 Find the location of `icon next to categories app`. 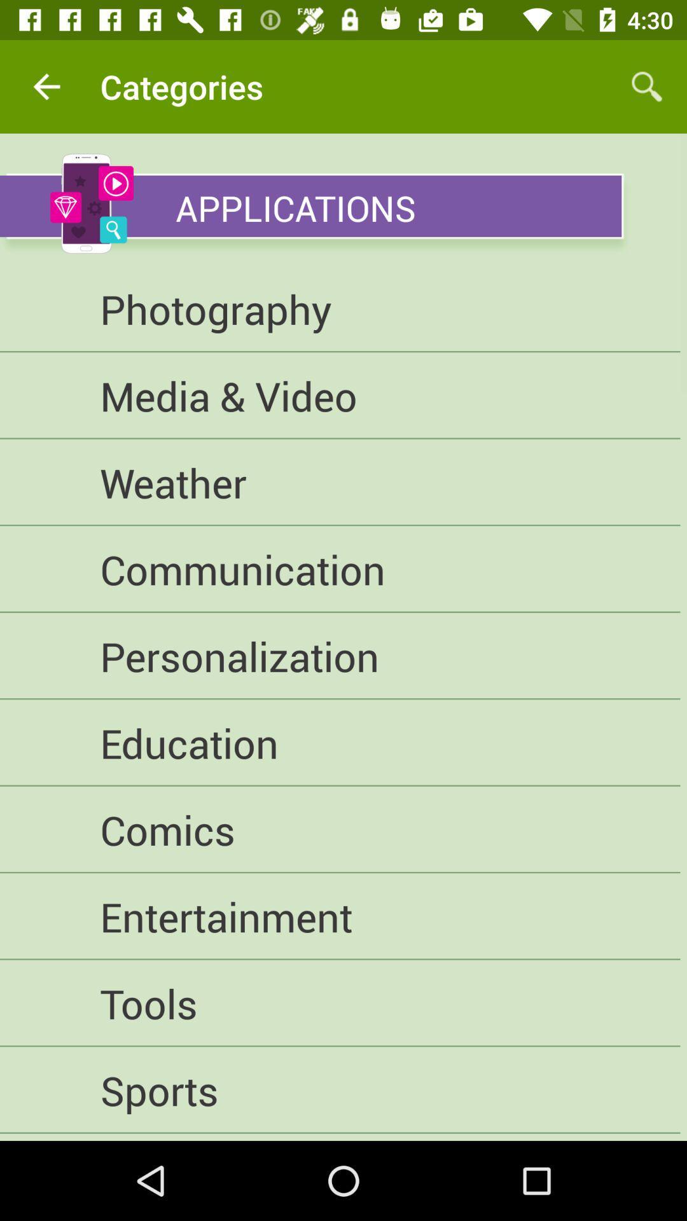

icon next to categories app is located at coordinates (46, 86).